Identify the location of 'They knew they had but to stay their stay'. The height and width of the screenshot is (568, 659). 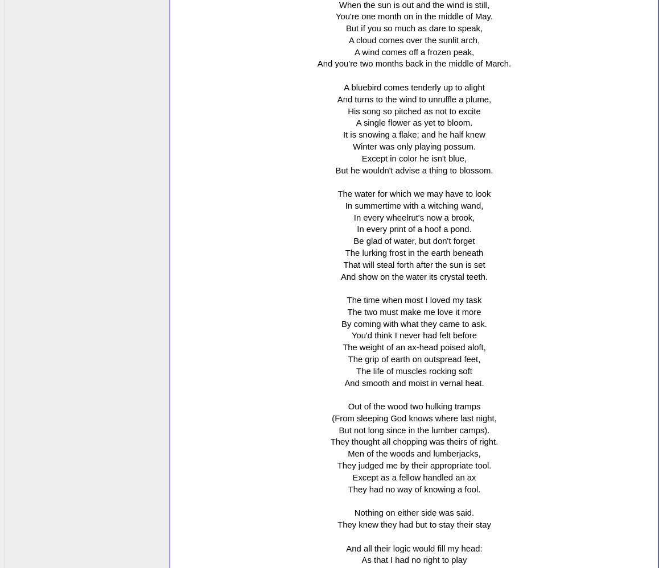
(413, 524).